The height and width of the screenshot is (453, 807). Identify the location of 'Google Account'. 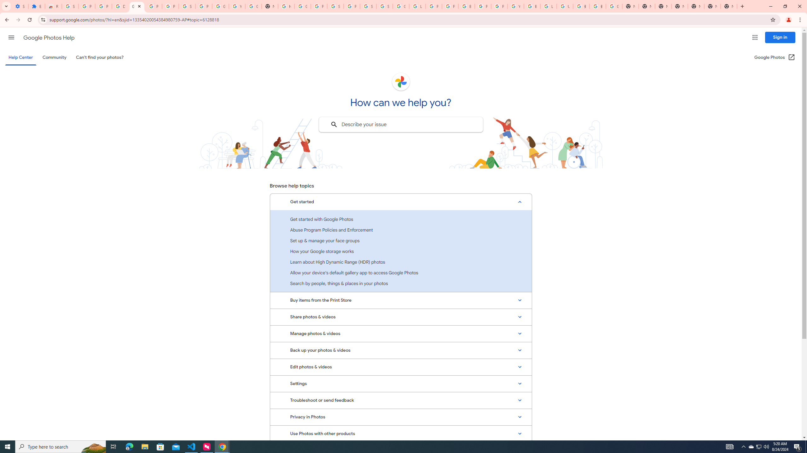
(220, 6).